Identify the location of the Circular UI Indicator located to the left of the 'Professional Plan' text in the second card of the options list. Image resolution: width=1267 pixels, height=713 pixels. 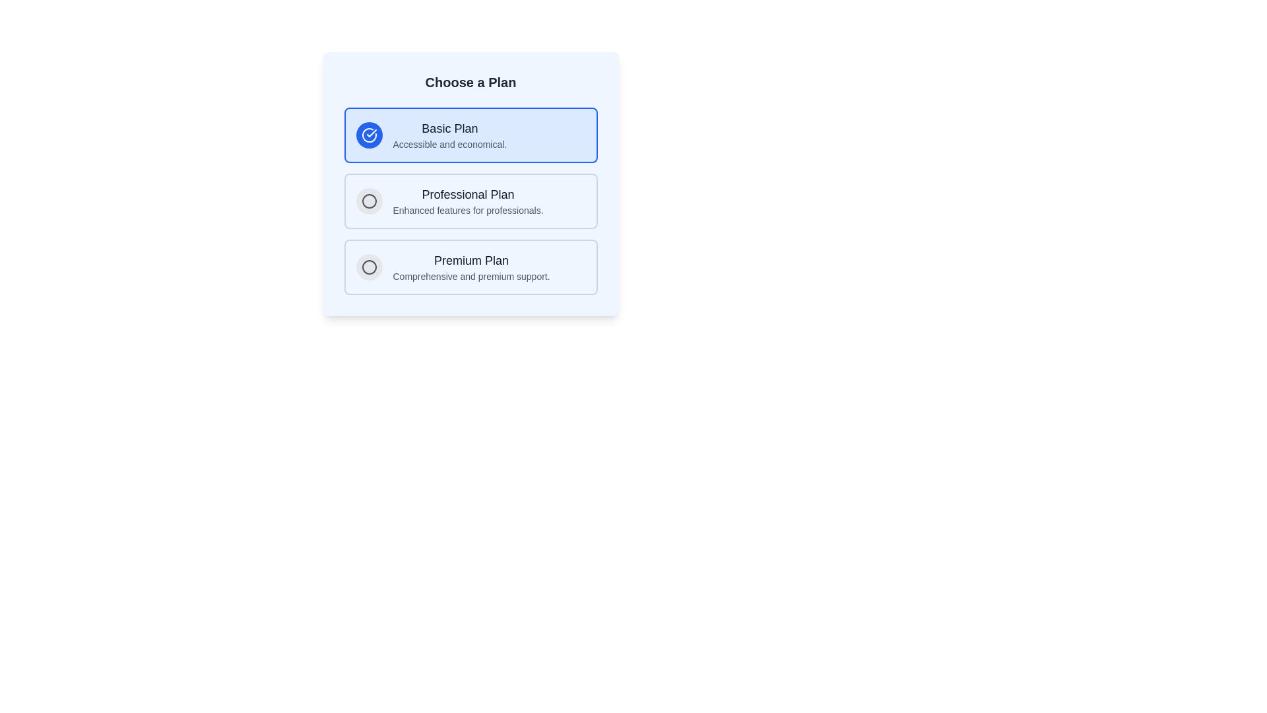
(369, 201).